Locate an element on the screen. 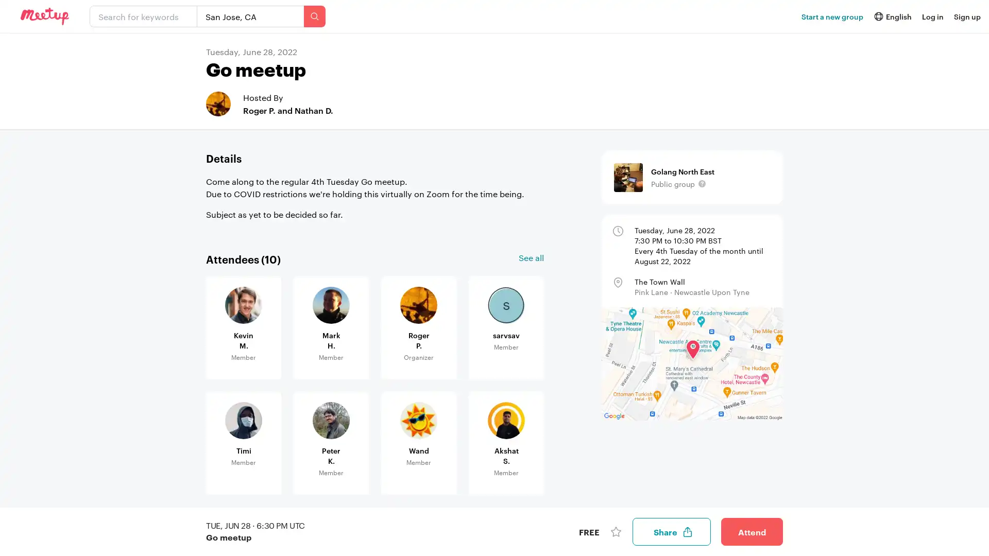 The height and width of the screenshot is (556, 989). This groups content, including its members and event details, are visible to the public. is located at coordinates (702, 183).